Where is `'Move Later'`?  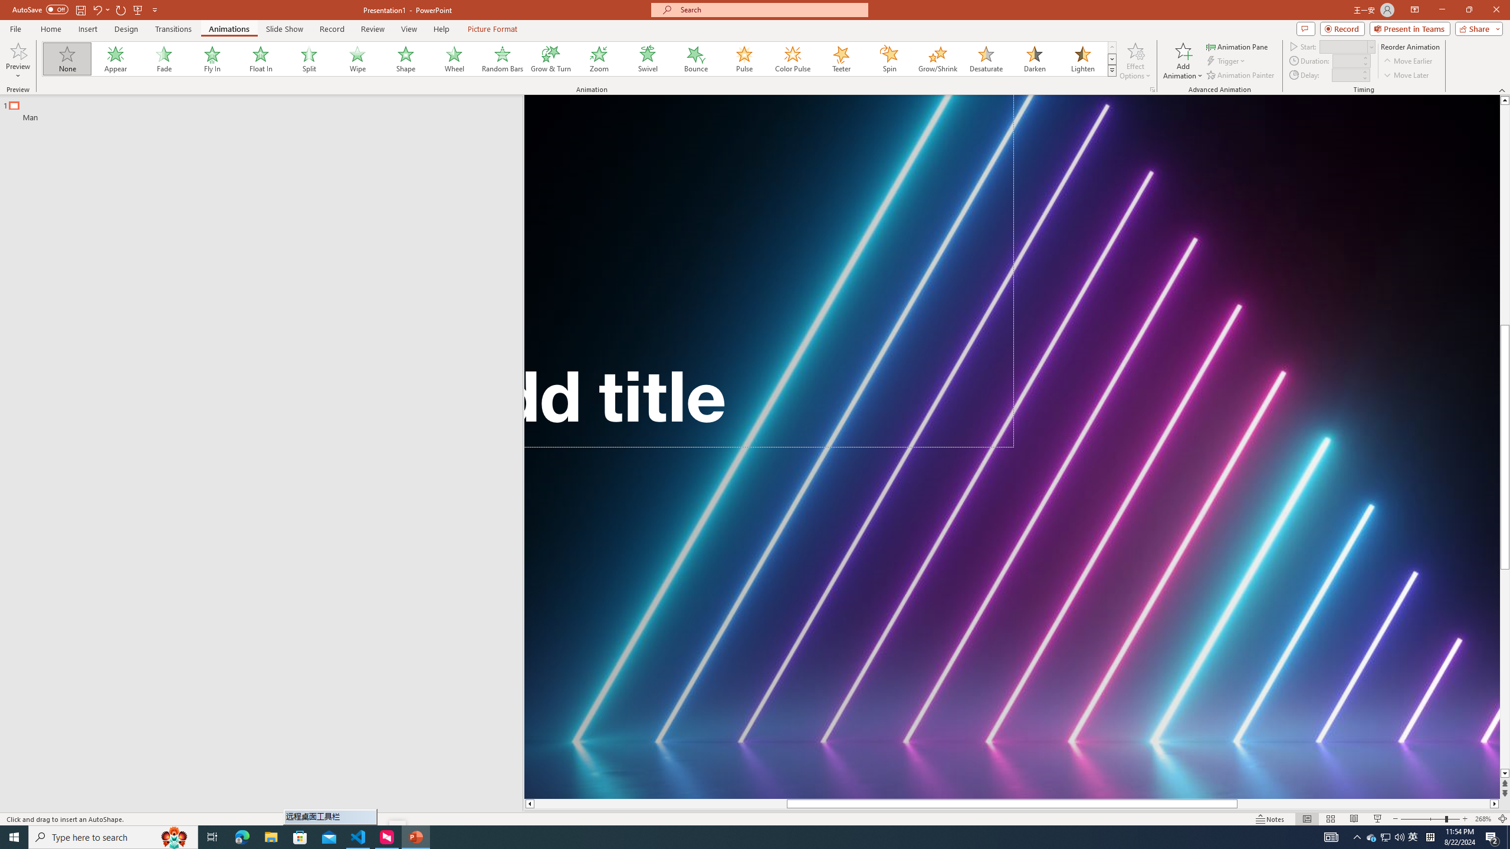
'Move Later' is located at coordinates (1406, 75).